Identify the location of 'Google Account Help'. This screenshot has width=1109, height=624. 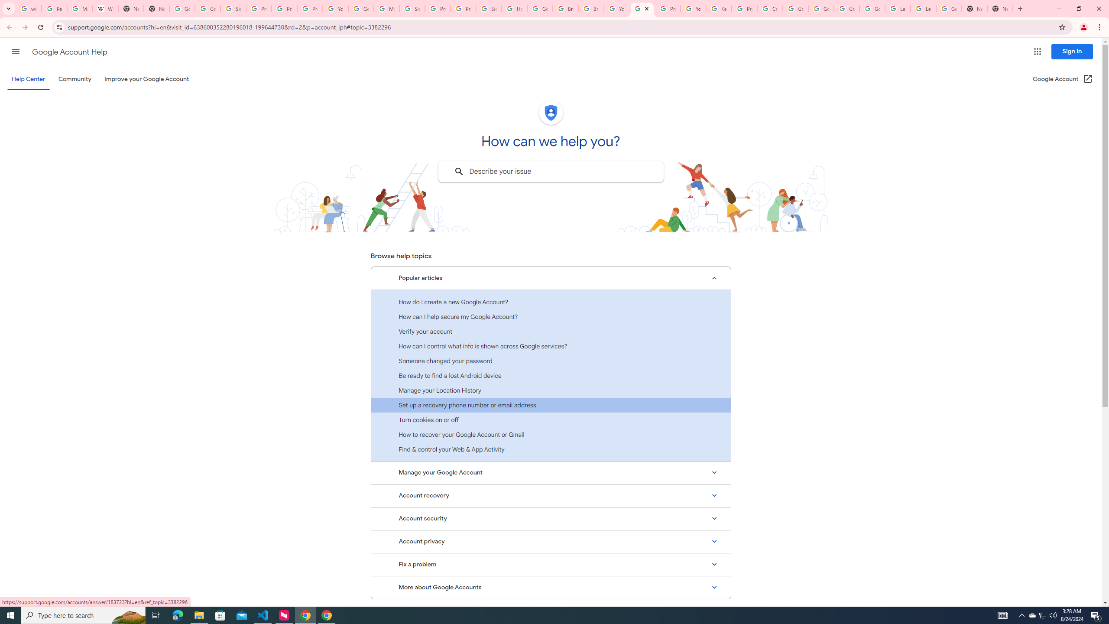
(69, 52).